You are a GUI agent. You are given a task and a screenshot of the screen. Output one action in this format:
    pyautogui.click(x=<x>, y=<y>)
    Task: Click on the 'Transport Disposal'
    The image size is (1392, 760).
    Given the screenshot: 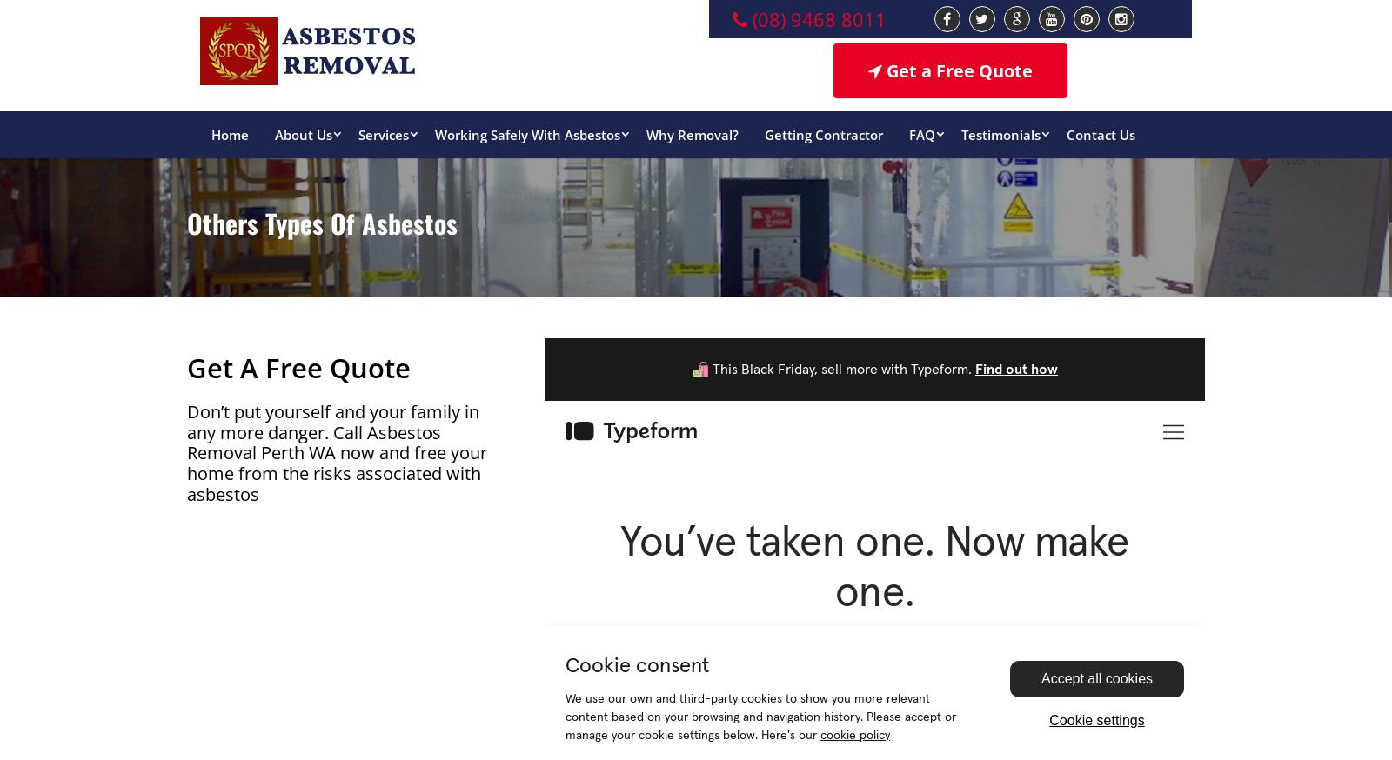 What is the action you would take?
    pyautogui.click(x=452, y=232)
    